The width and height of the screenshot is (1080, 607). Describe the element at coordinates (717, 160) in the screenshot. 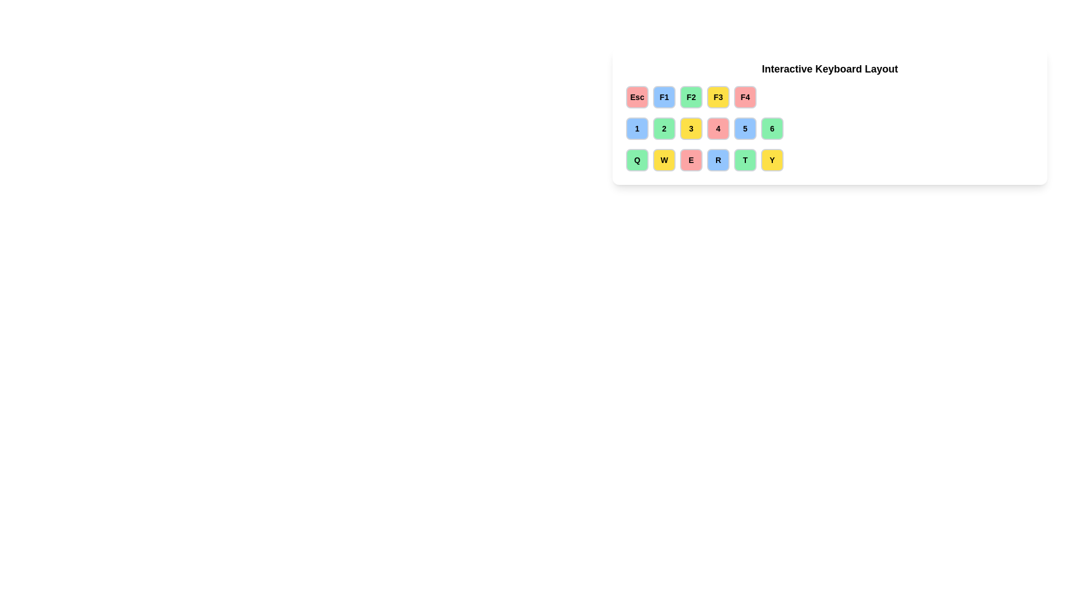

I see `the square button with a blue background and a bold black 'R' in the center, which is the fourth key in the linear group of keys labeled 'Q', 'W', 'E', 'R', 'T', 'Y'` at that location.